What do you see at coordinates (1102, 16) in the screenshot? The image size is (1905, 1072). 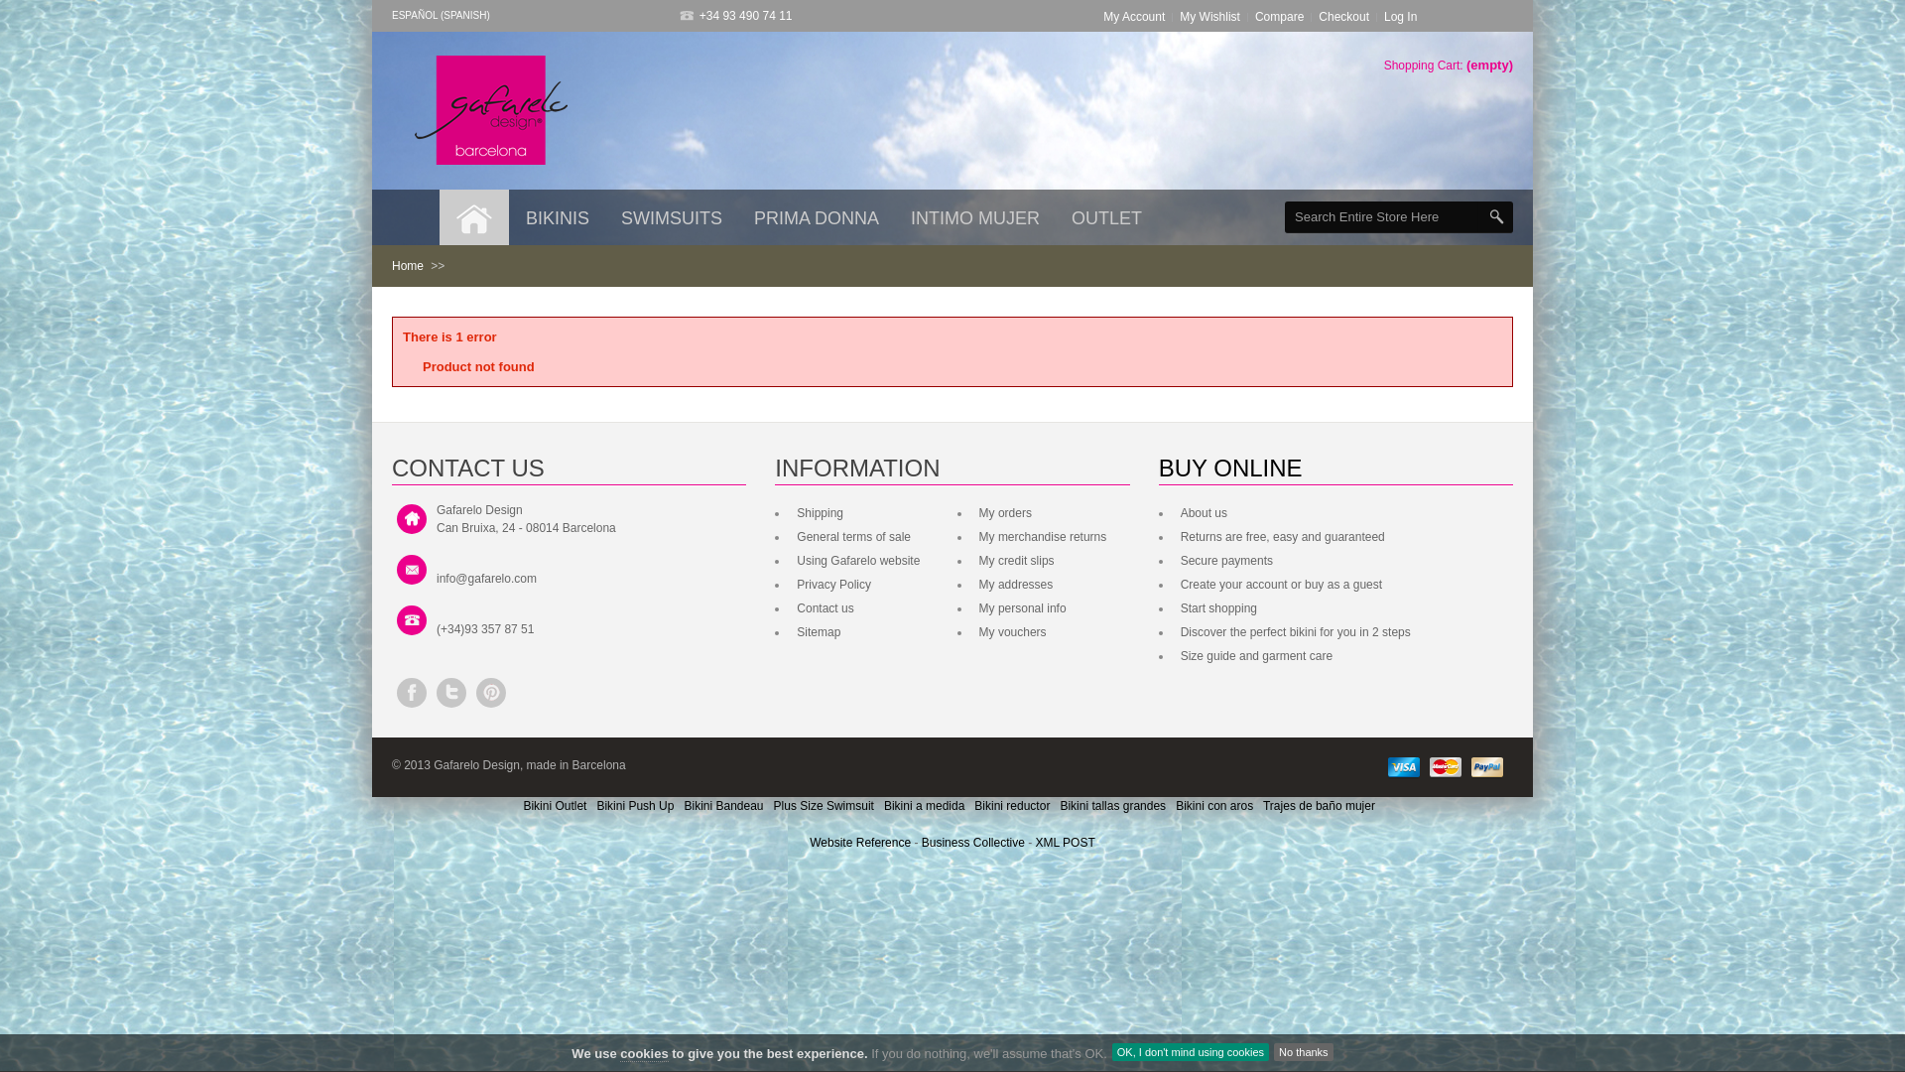 I see `'My Account'` at bounding box center [1102, 16].